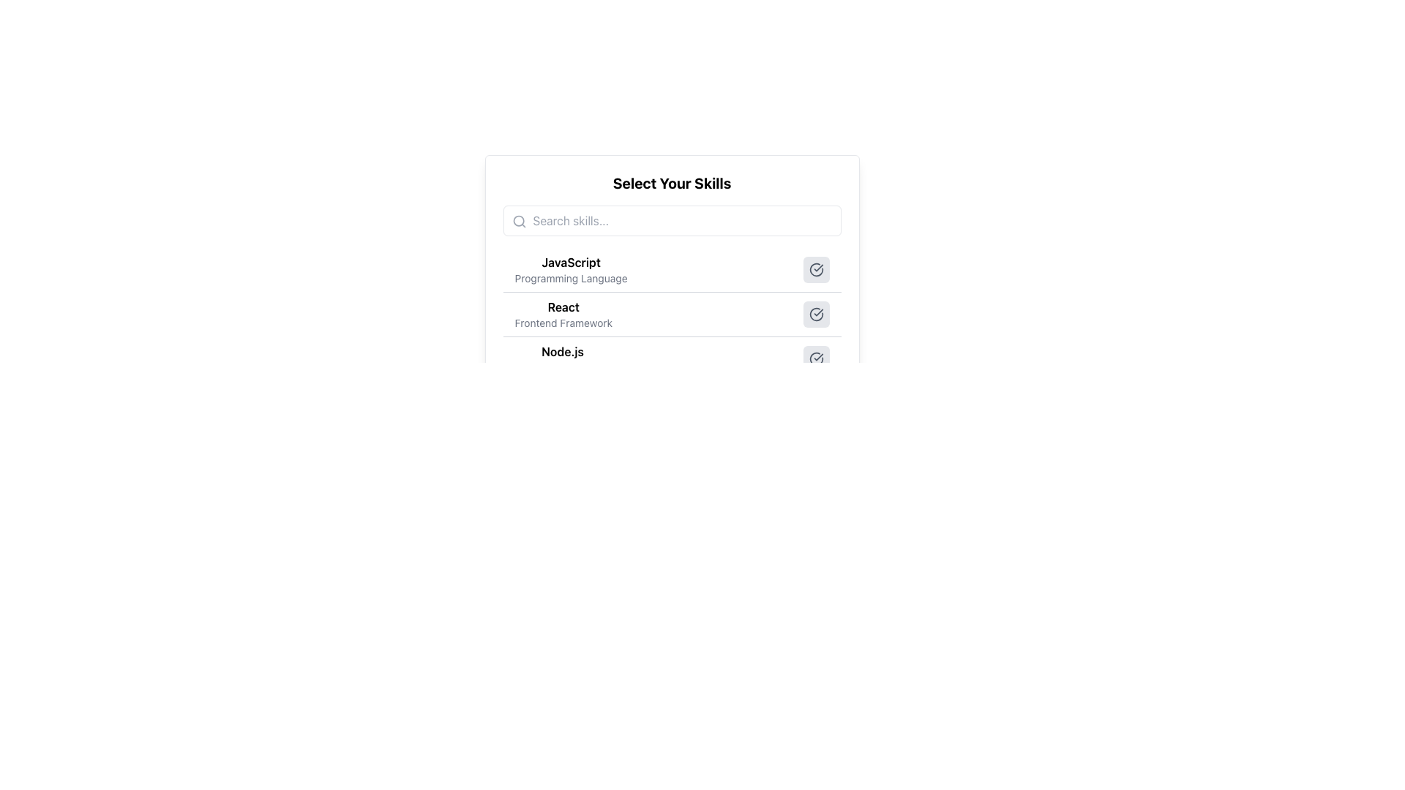 This screenshot has width=1405, height=790. Describe the element at coordinates (563, 323) in the screenshot. I see `the 'Frontend Framework' text label located beneath the 'React' title` at that location.